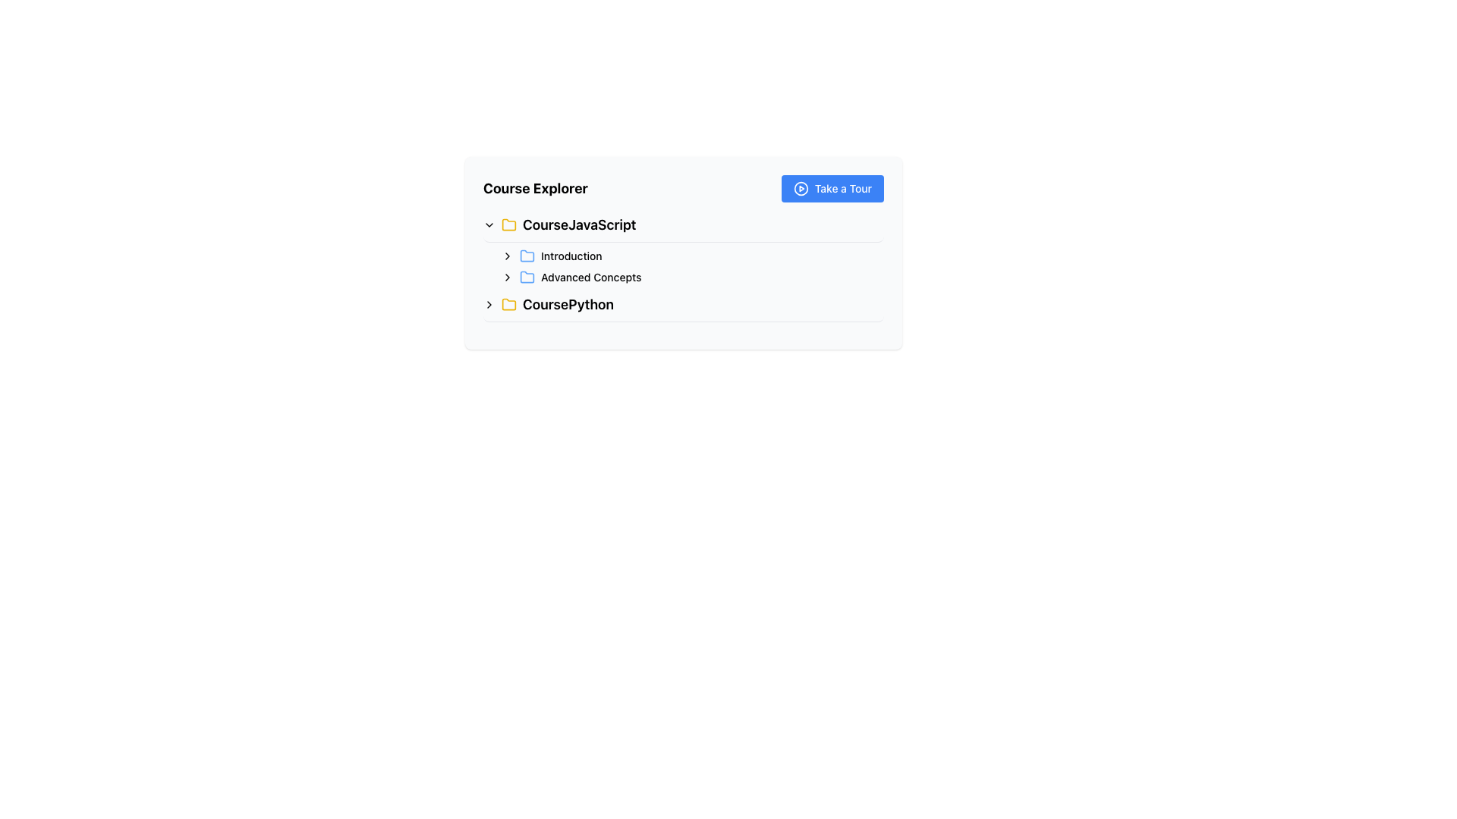 This screenshot has width=1457, height=819. What do you see at coordinates (527, 254) in the screenshot?
I see `the 'CourseJavaScript' folder icon` at bounding box center [527, 254].